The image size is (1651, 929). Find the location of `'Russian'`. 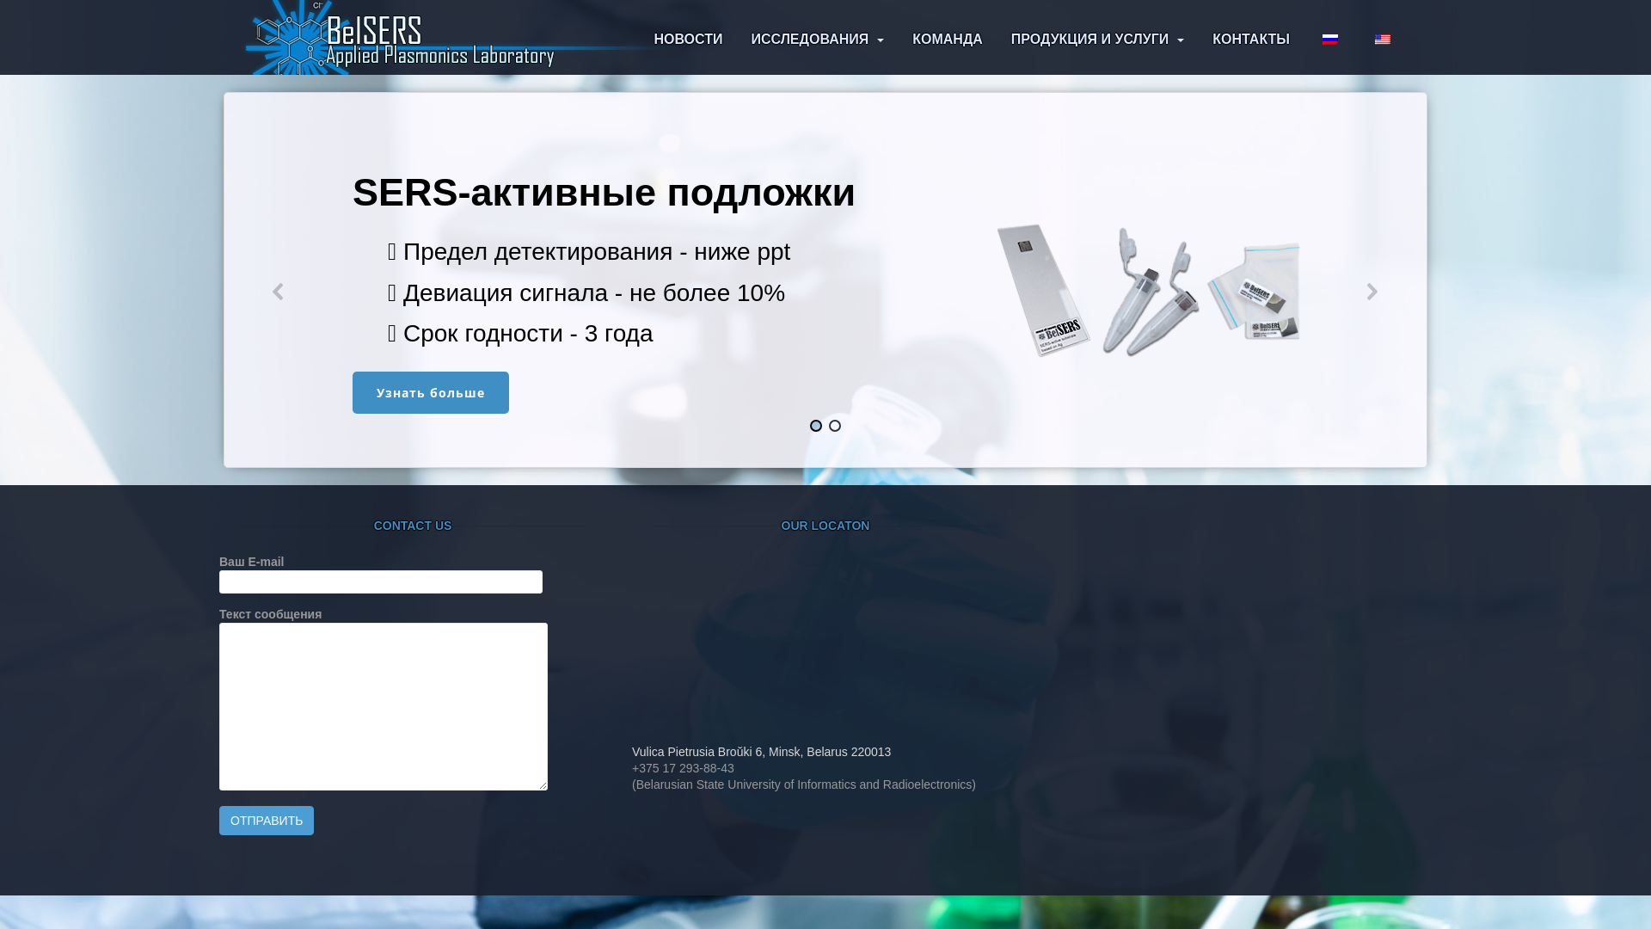

'Russian' is located at coordinates (1329, 39).